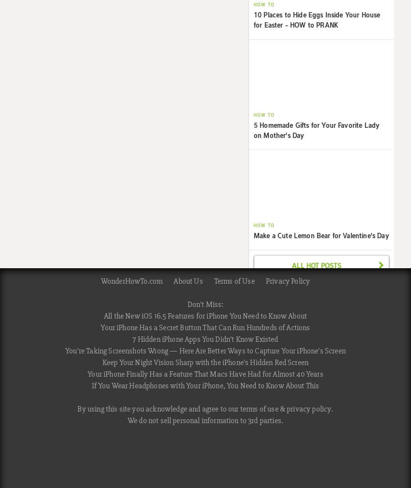 This screenshot has width=411, height=488. What do you see at coordinates (234, 281) in the screenshot?
I see `'Terms of Use'` at bounding box center [234, 281].